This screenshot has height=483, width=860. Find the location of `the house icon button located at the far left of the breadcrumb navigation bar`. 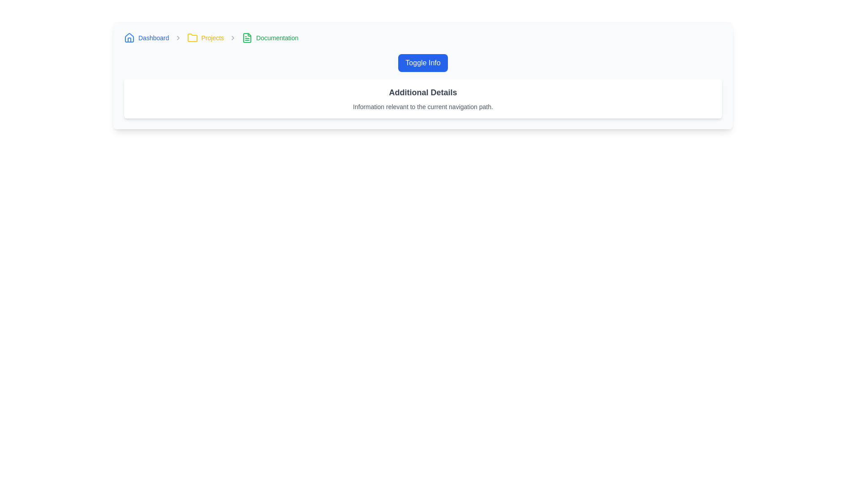

the house icon button located at the far left of the breadcrumb navigation bar is located at coordinates (129, 37).